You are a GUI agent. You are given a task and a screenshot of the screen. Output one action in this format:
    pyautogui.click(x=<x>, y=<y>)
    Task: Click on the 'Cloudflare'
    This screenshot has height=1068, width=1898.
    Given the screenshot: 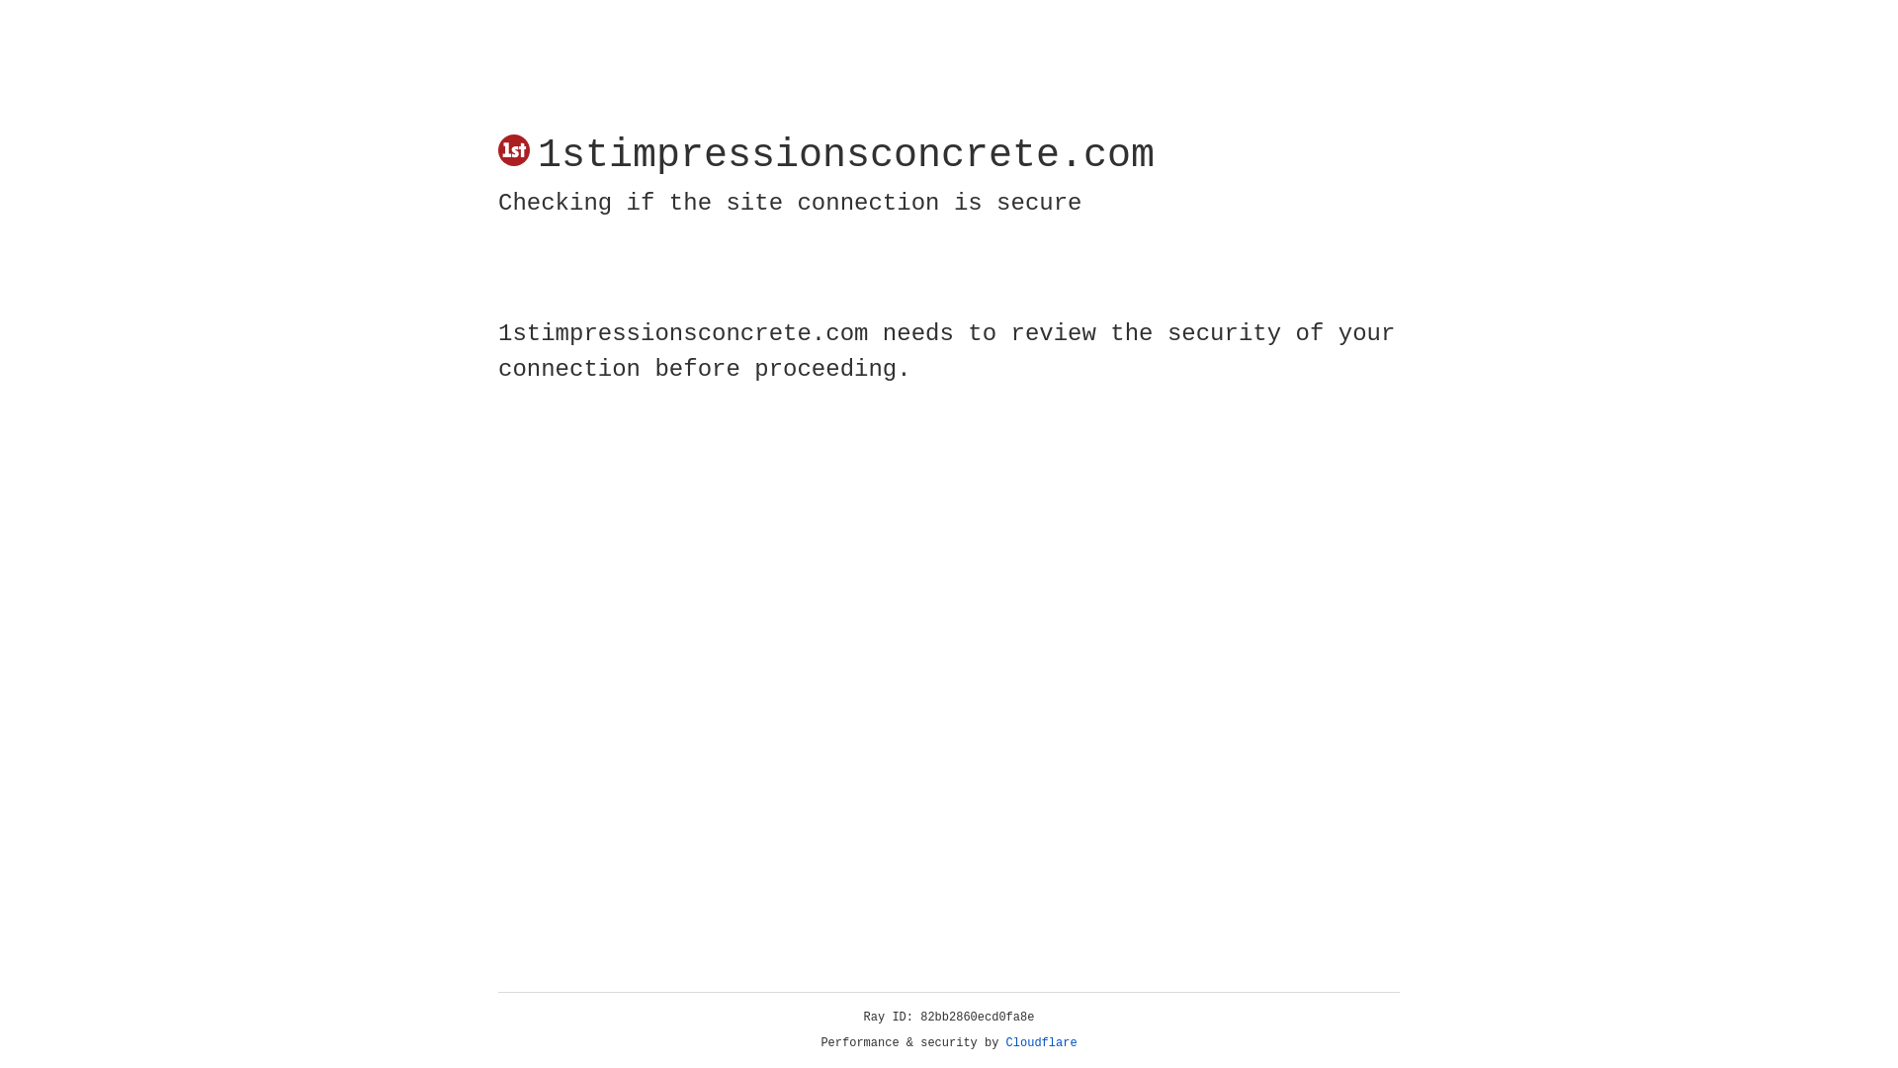 What is the action you would take?
    pyautogui.click(x=1041, y=1042)
    